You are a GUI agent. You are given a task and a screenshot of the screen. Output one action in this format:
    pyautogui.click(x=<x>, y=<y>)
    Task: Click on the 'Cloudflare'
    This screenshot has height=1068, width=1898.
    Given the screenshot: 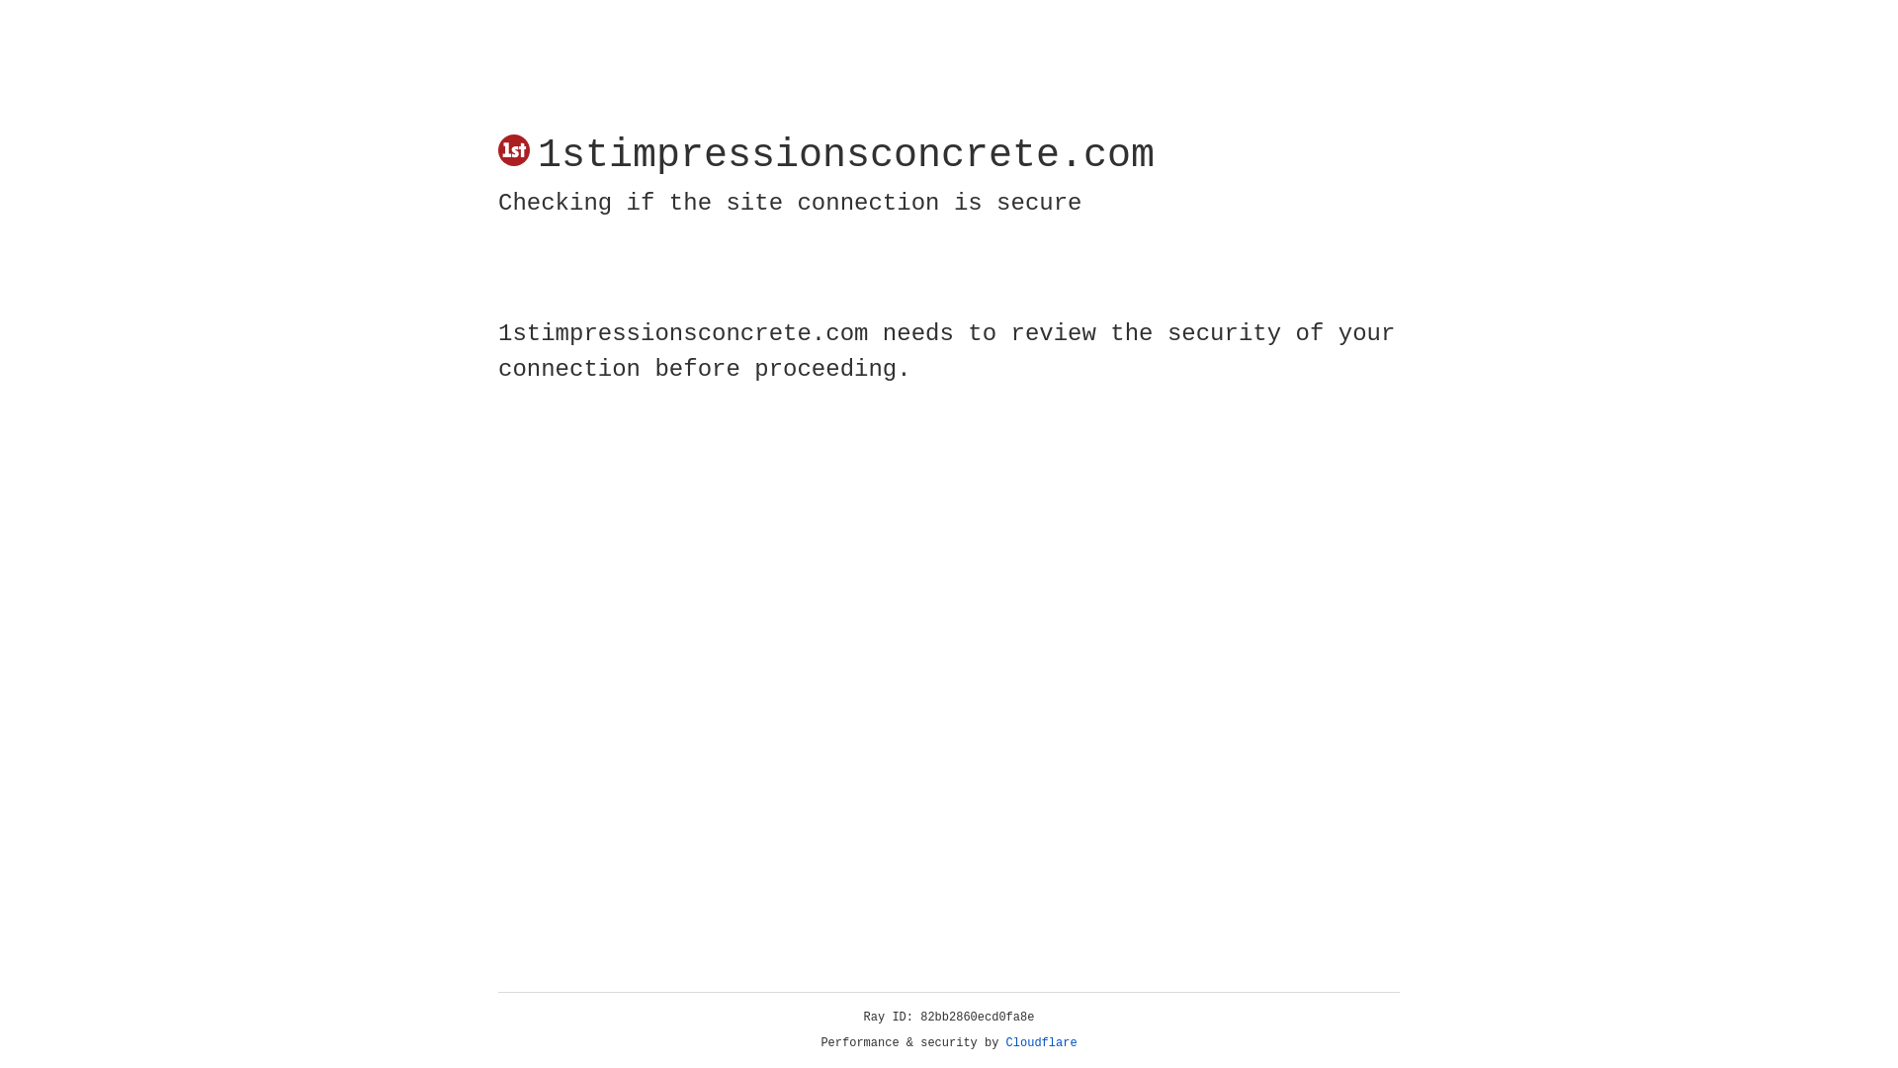 What is the action you would take?
    pyautogui.click(x=1041, y=1042)
    